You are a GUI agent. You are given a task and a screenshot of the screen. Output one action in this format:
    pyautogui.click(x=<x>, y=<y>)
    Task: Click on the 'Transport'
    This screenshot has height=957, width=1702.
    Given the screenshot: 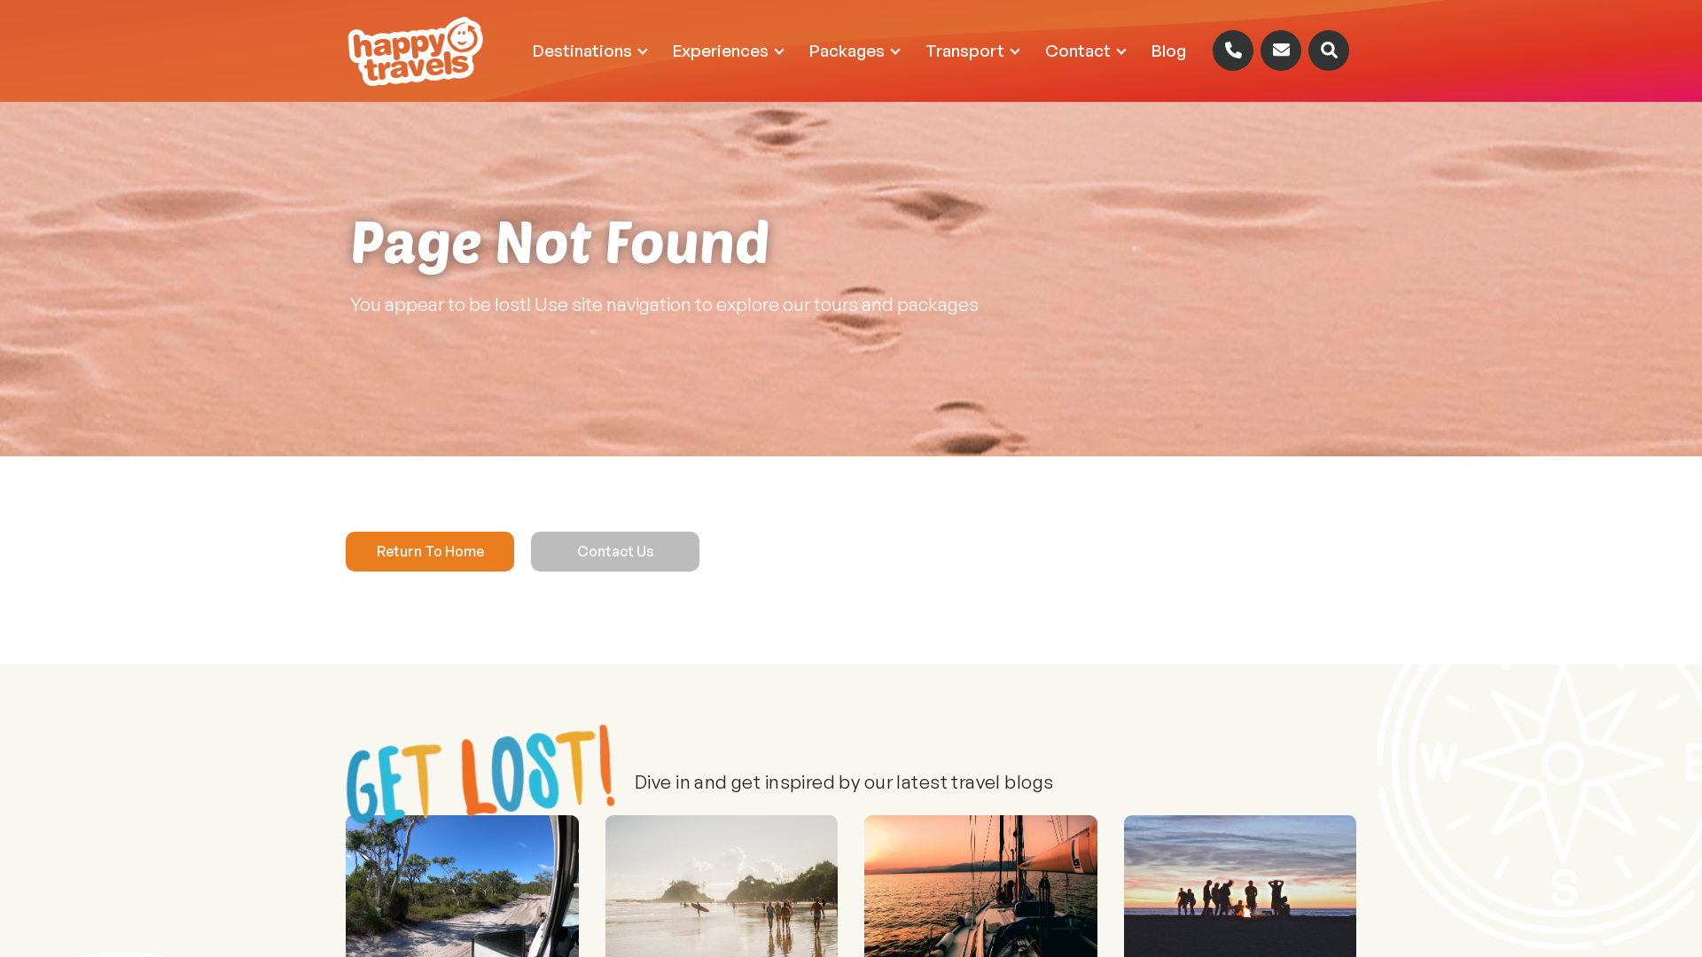 What is the action you would take?
    pyautogui.click(x=971, y=50)
    